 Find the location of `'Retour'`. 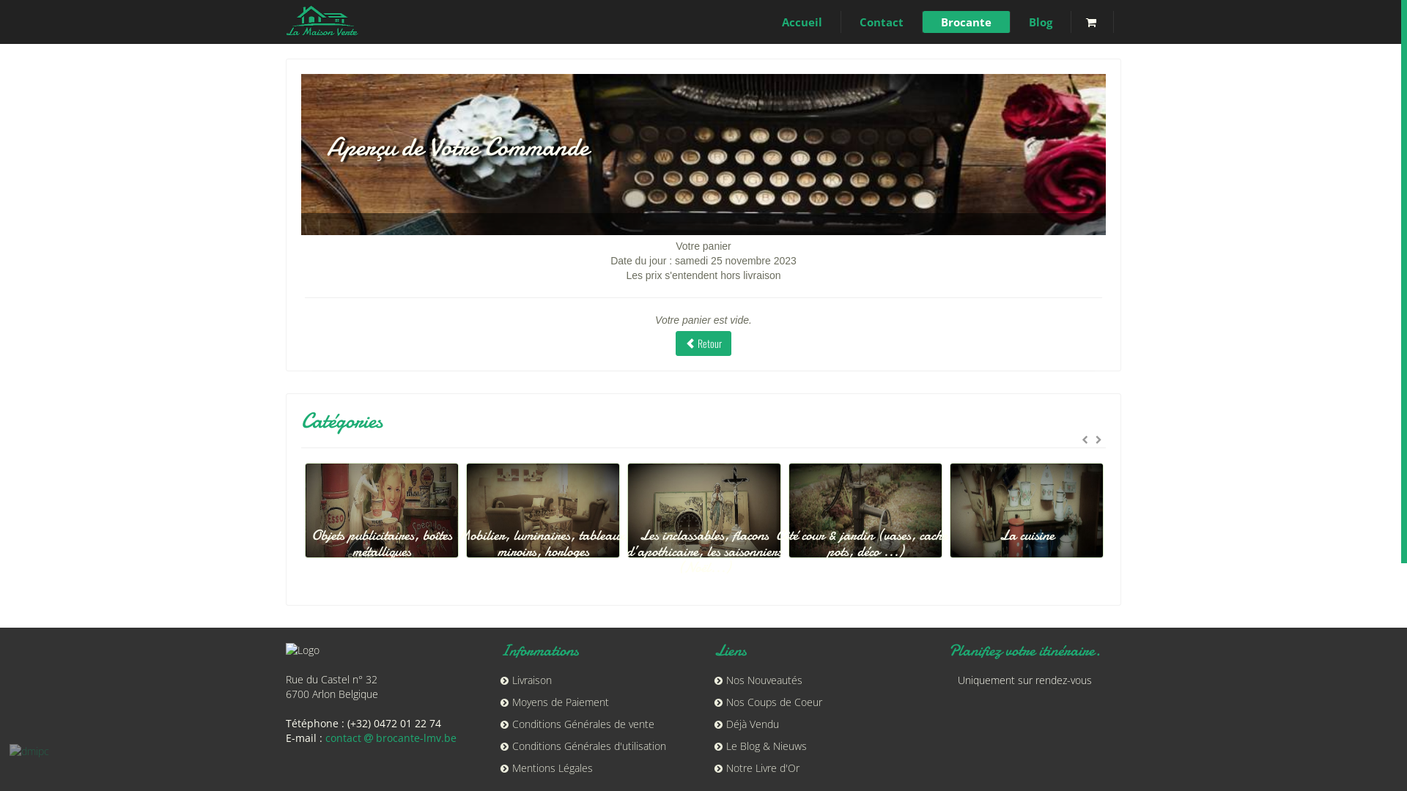

'Retour' is located at coordinates (703, 343).